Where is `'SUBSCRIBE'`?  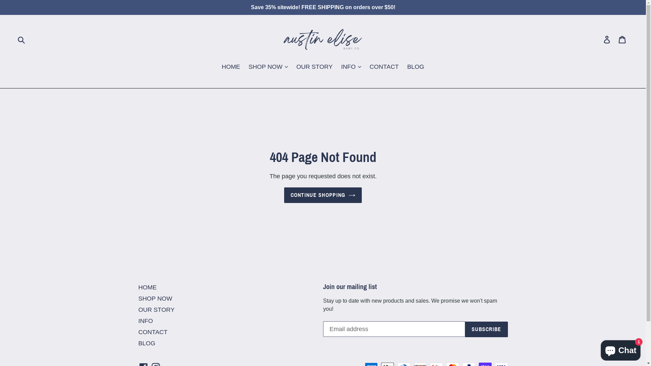 'SUBSCRIBE' is located at coordinates (486, 329).